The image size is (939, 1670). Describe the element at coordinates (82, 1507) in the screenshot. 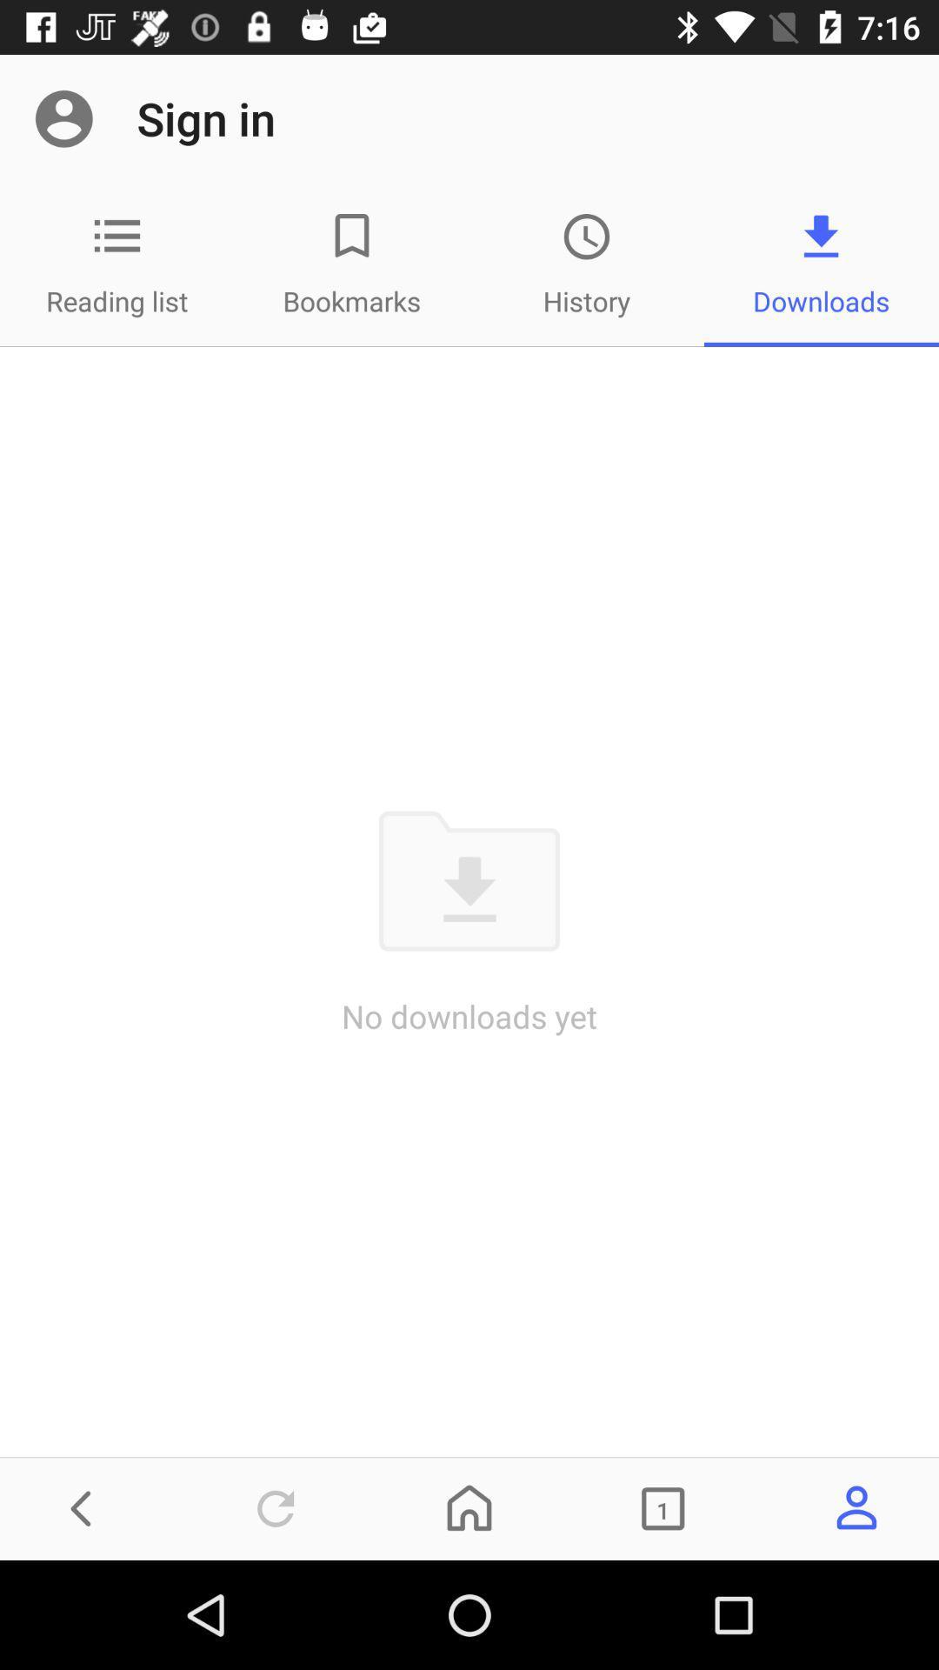

I see `the arrow_backward icon` at that location.